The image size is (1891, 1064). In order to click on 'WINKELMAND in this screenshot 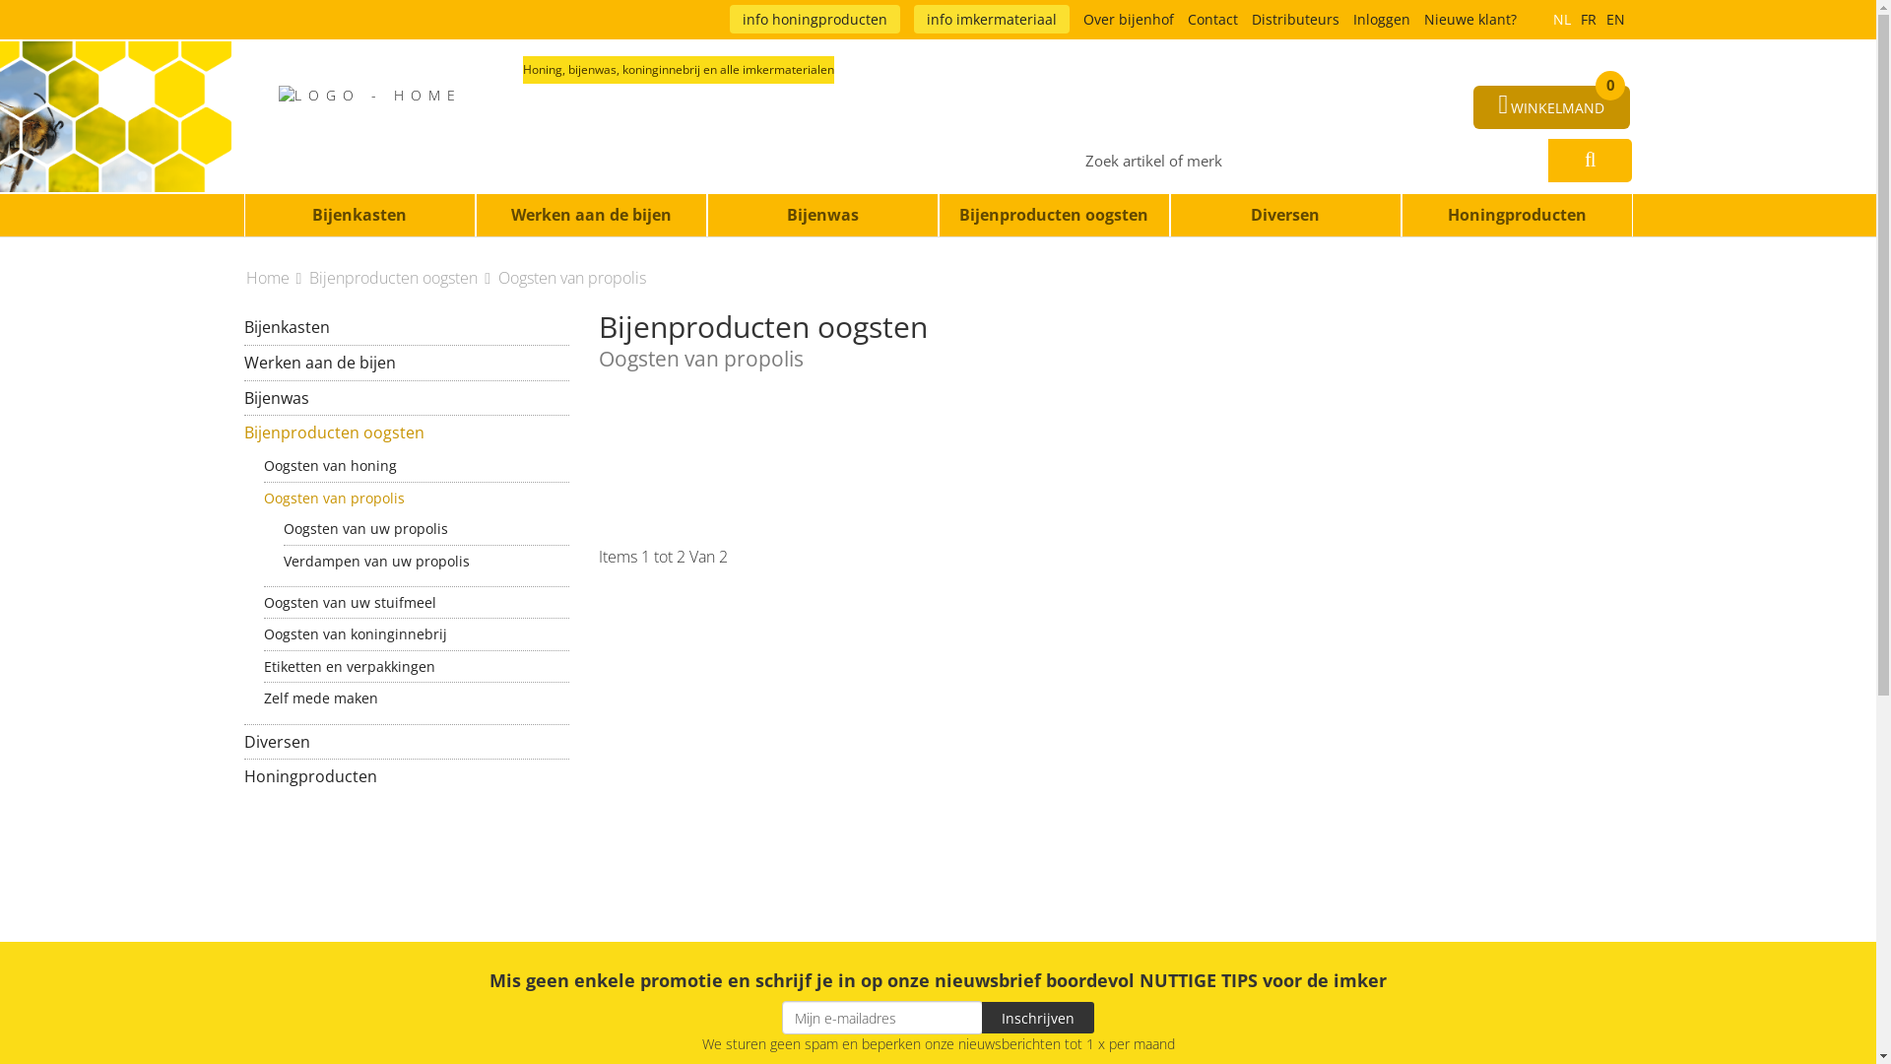, I will do `click(1550, 106)`.